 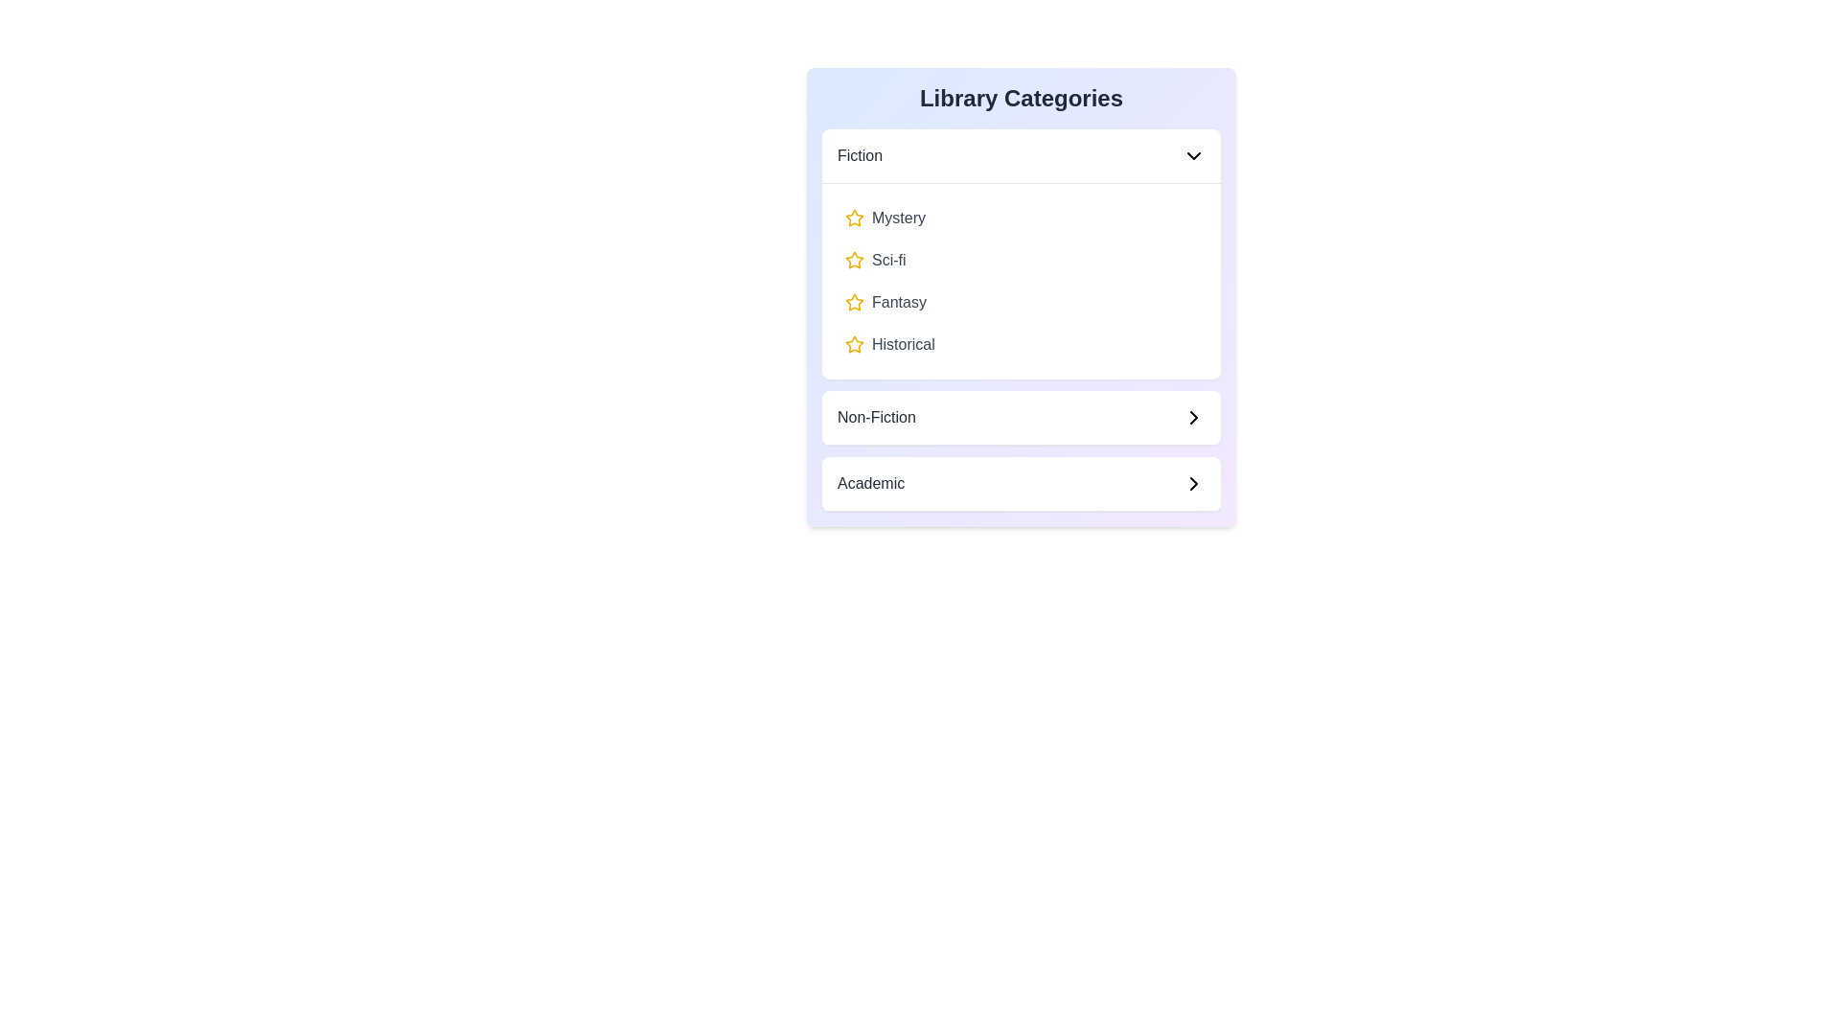 I want to click on the item Historical from the expanded 'Fiction' category, so click(x=1020, y=343).